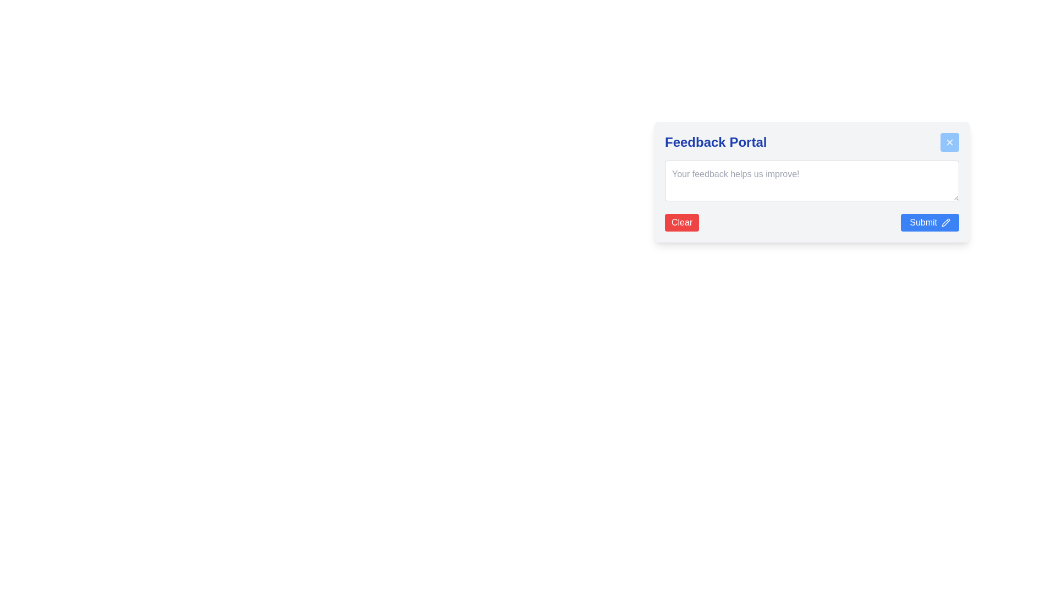 Image resolution: width=1056 pixels, height=594 pixels. Describe the element at coordinates (681, 223) in the screenshot. I see `the 'Clear' button located at the bottom of the 'Feedback Portal' section to clear any input or selections` at that location.